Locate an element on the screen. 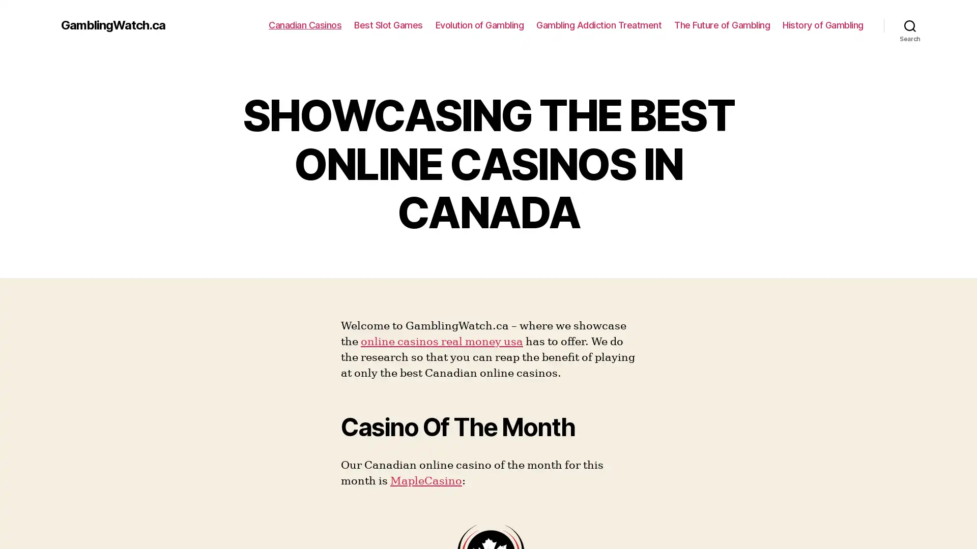  Search is located at coordinates (910, 25).